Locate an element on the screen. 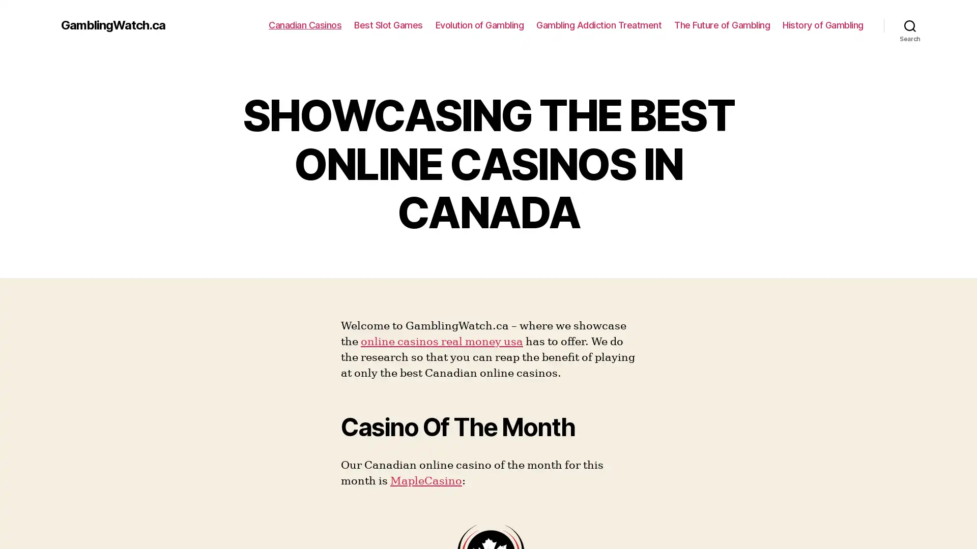  Search is located at coordinates (910, 25).